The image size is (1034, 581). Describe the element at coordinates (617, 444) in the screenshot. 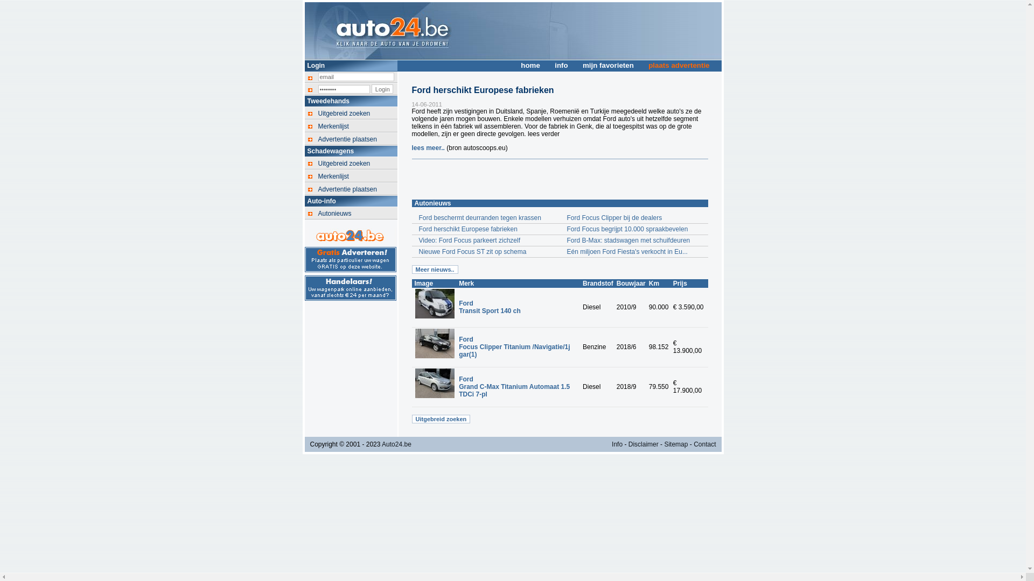

I see `'Info'` at that location.